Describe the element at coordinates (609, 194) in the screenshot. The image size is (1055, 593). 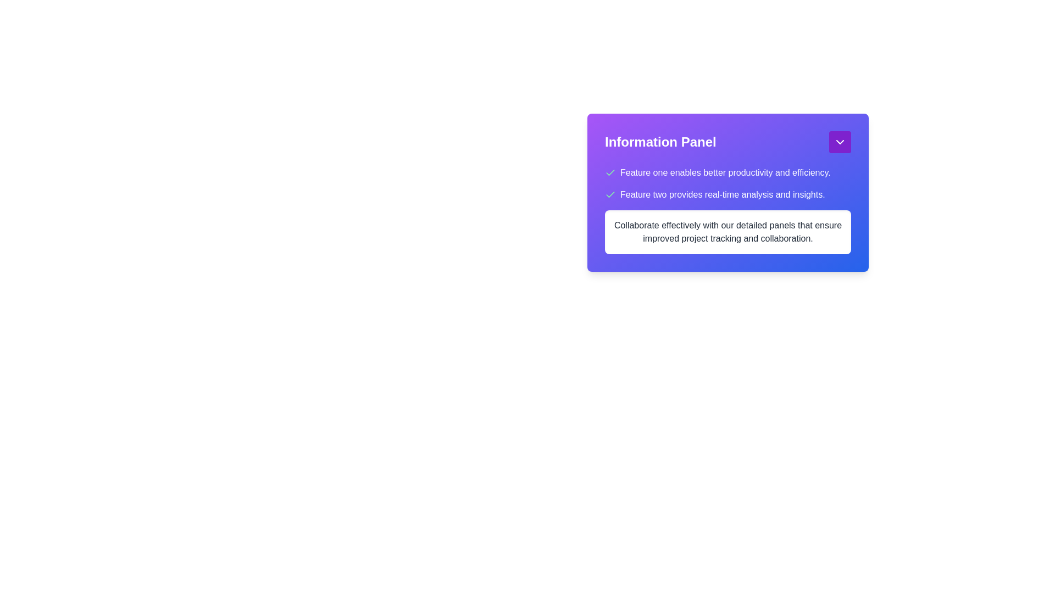
I see `the icon in the purple dialog box labeled 'Information Panel' that signifies the availability of 'Feature two provides real-time analysis and insights.'` at that location.